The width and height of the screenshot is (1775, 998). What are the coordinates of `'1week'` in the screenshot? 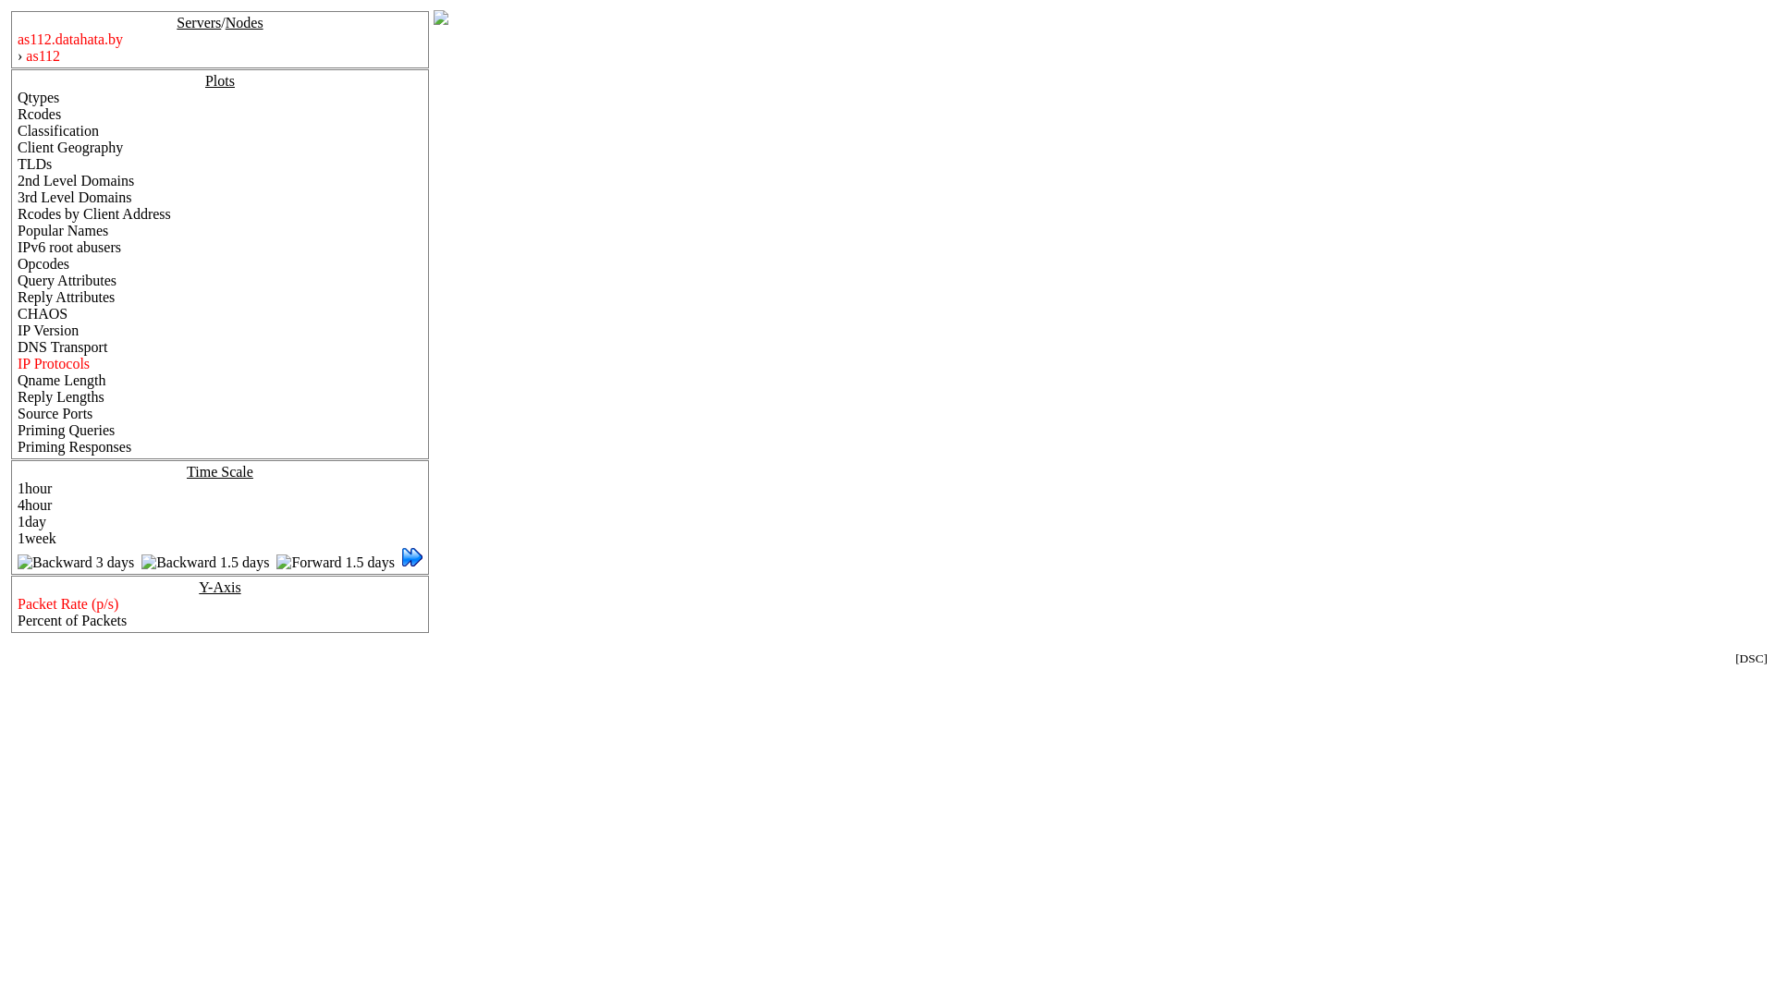 It's located at (36, 538).